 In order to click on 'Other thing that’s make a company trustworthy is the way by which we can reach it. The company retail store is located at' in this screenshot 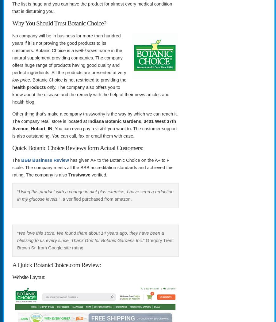, I will do `click(94, 117)`.